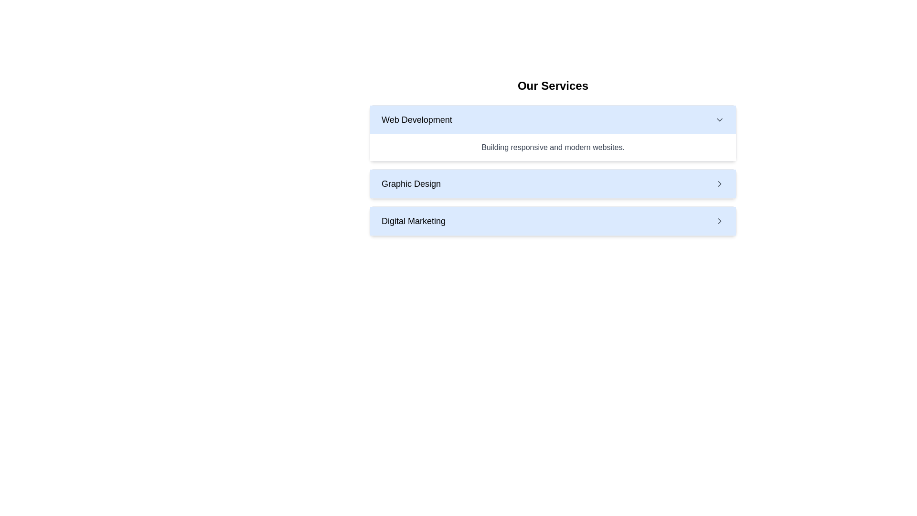 The height and width of the screenshot is (516, 917). What do you see at coordinates (553, 184) in the screenshot?
I see `the second interactive panel for Graphic Design services, which is centrally located between Web Development and Digital Marketing panels` at bounding box center [553, 184].